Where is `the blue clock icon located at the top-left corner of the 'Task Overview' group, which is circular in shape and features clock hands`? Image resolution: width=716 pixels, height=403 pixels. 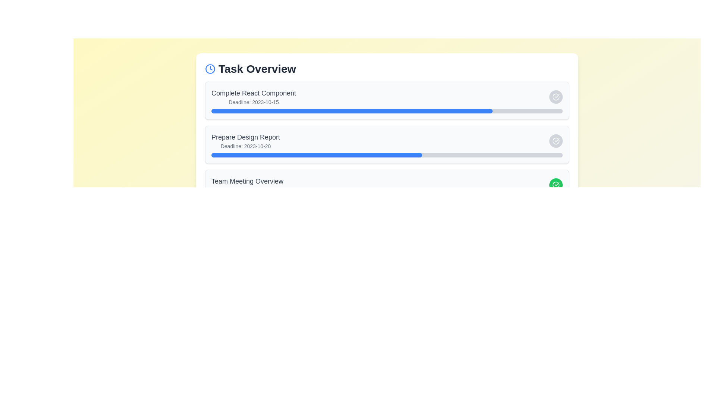 the blue clock icon located at the top-left corner of the 'Task Overview' group, which is circular in shape and features clock hands is located at coordinates (210, 69).